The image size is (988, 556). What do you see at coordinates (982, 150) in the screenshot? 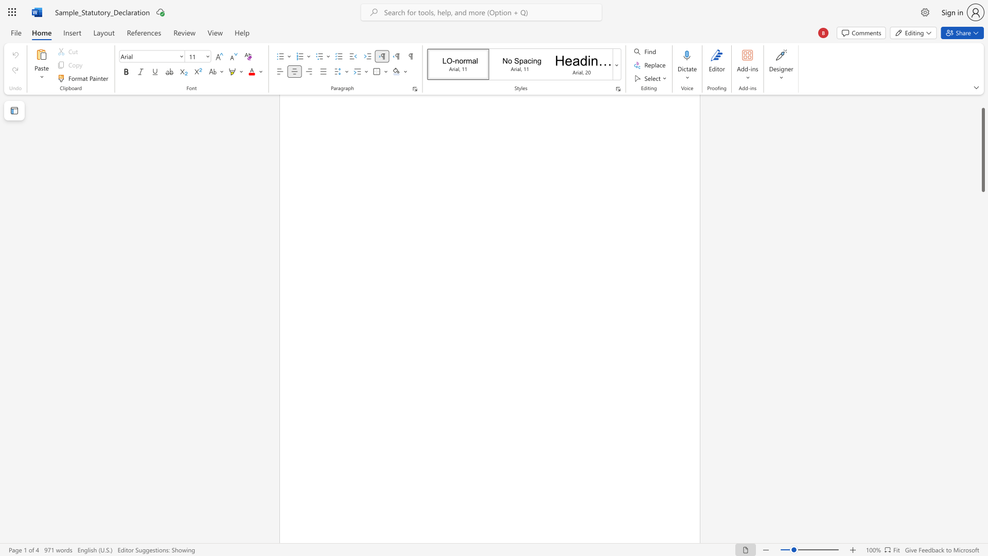
I see `the scrollbar and move down 3260 pixels` at bounding box center [982, 150].